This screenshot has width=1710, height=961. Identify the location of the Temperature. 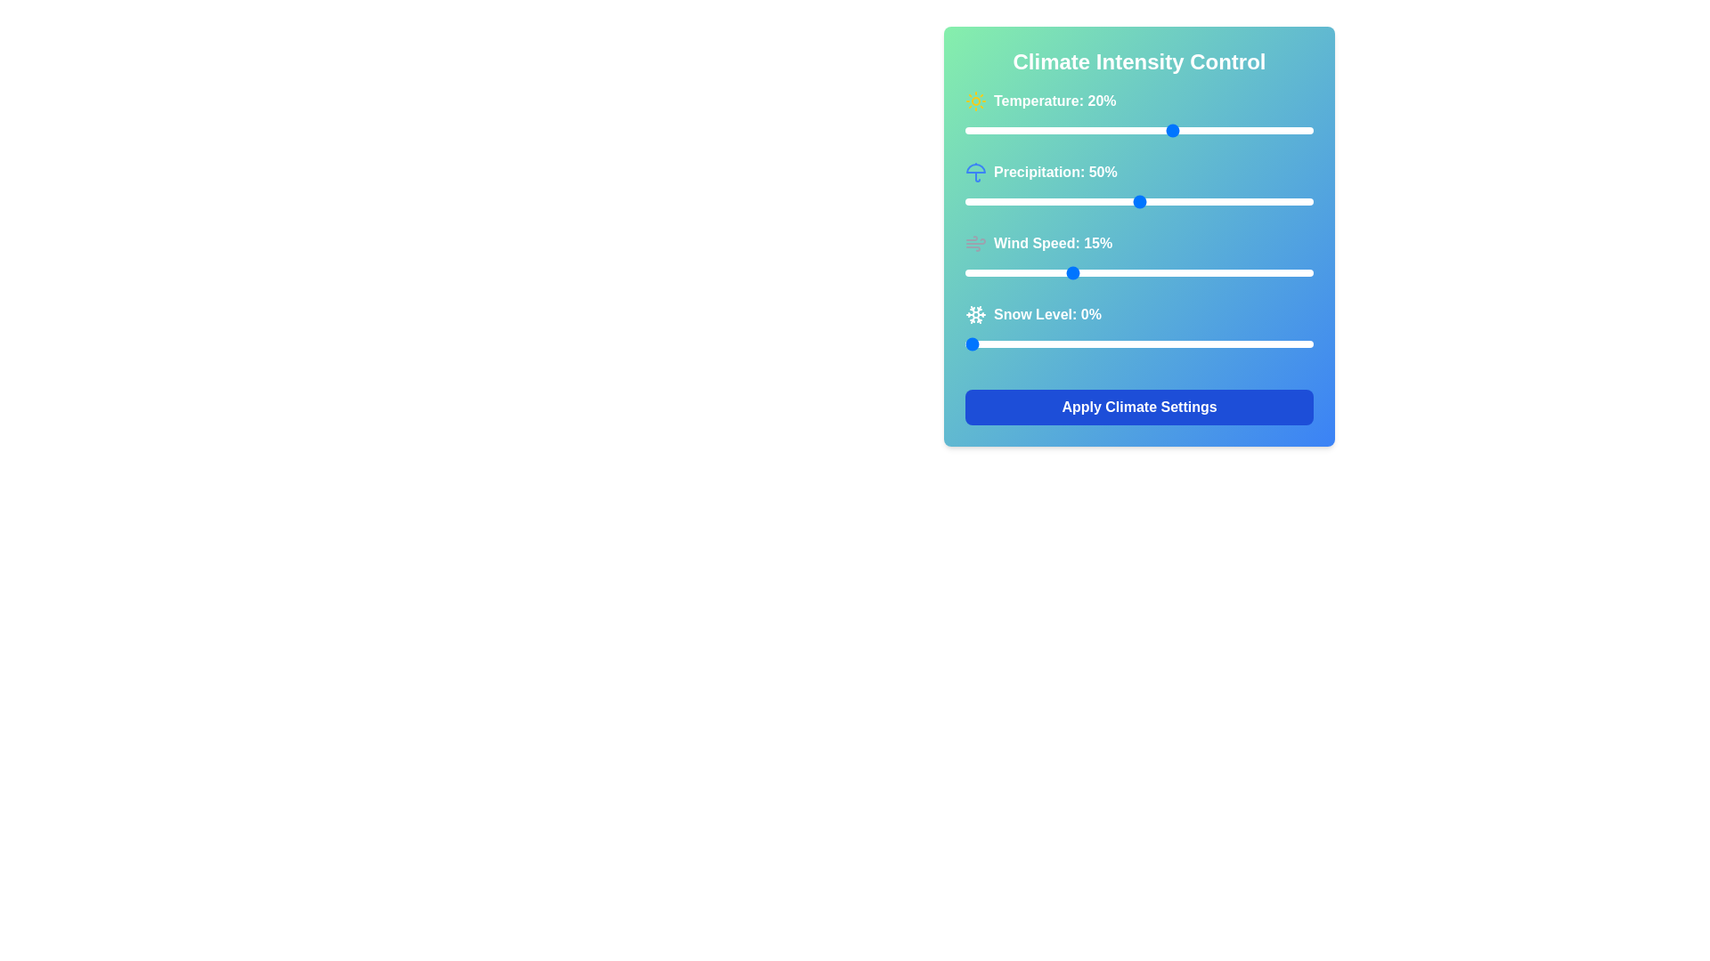
(1195, 129).